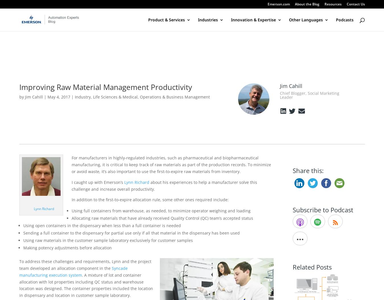 This screenshot has height=300, width=384. Describe the element at coordinates (73, 271) in the screenshot. I see `'Syncade manufacturing execution system'` at that location.